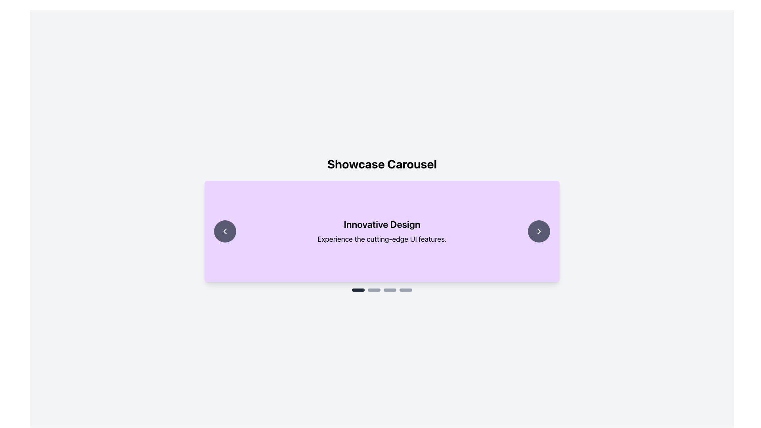 The height and width of the screenshot is (428, 761). Describe the element at coordinates (374, 290) in the screenshot. I see `the second carousel indicator located below the 'Innovative Design' content` at that location.